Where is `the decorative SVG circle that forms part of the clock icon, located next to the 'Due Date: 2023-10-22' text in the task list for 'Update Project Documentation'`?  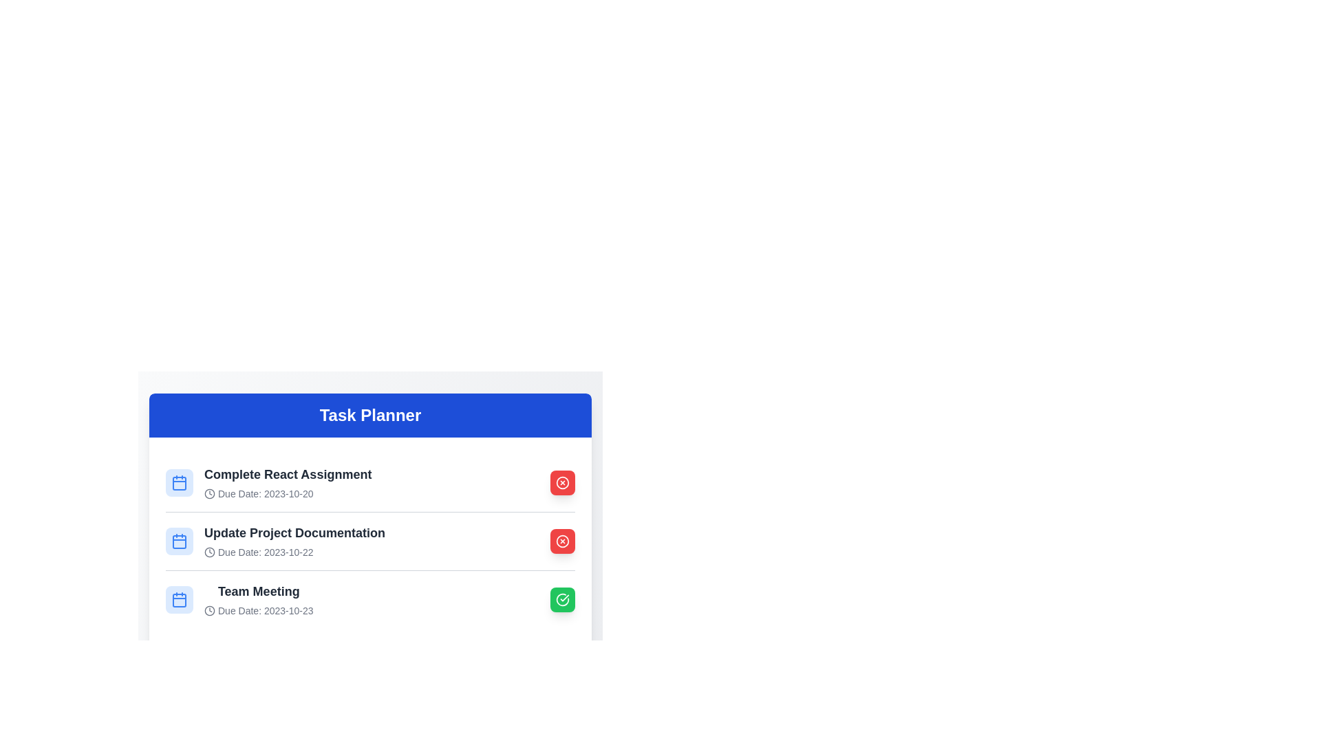
the decorative SVG circle that forms part of the clock icon, located next to the 'Due Date: 2023-10-22' text in the task list for 'Update Project Documentation' is located at coordinates (209, 551).